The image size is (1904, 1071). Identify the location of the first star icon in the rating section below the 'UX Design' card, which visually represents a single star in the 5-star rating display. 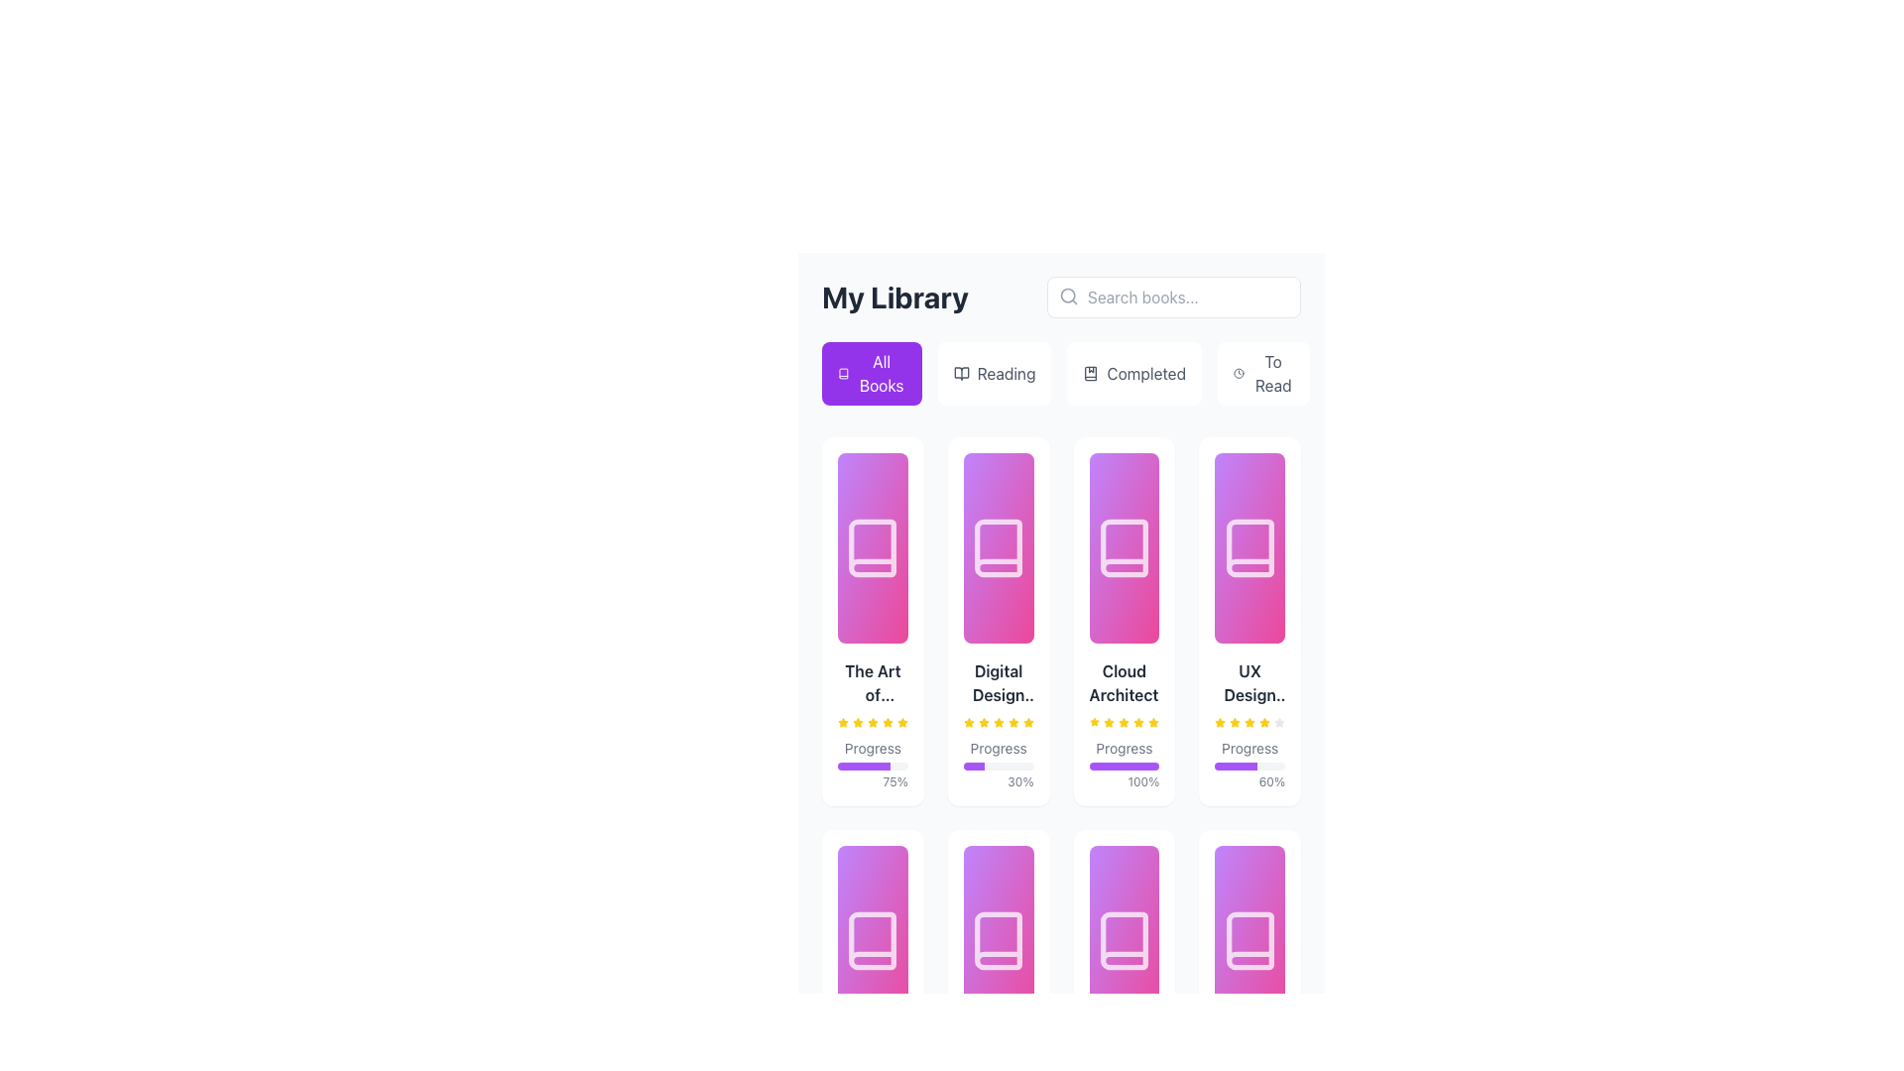
(1219, 723).